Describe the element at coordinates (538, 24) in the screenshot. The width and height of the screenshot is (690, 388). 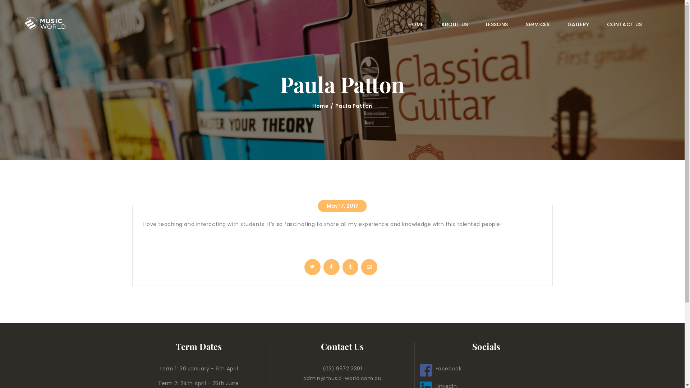
I see `'SERVICES'` at that location.